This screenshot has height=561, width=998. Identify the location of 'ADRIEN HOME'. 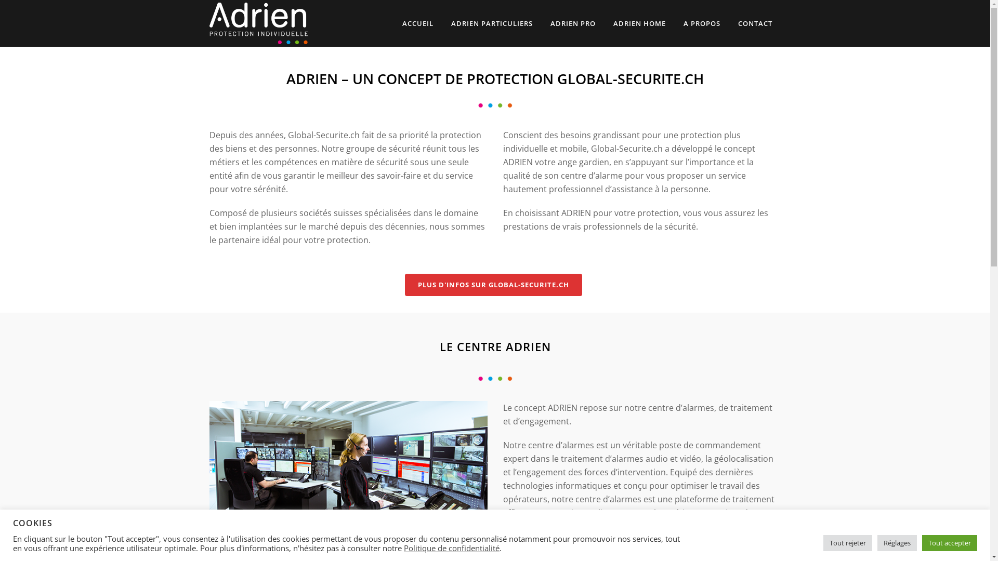
(638, 23).